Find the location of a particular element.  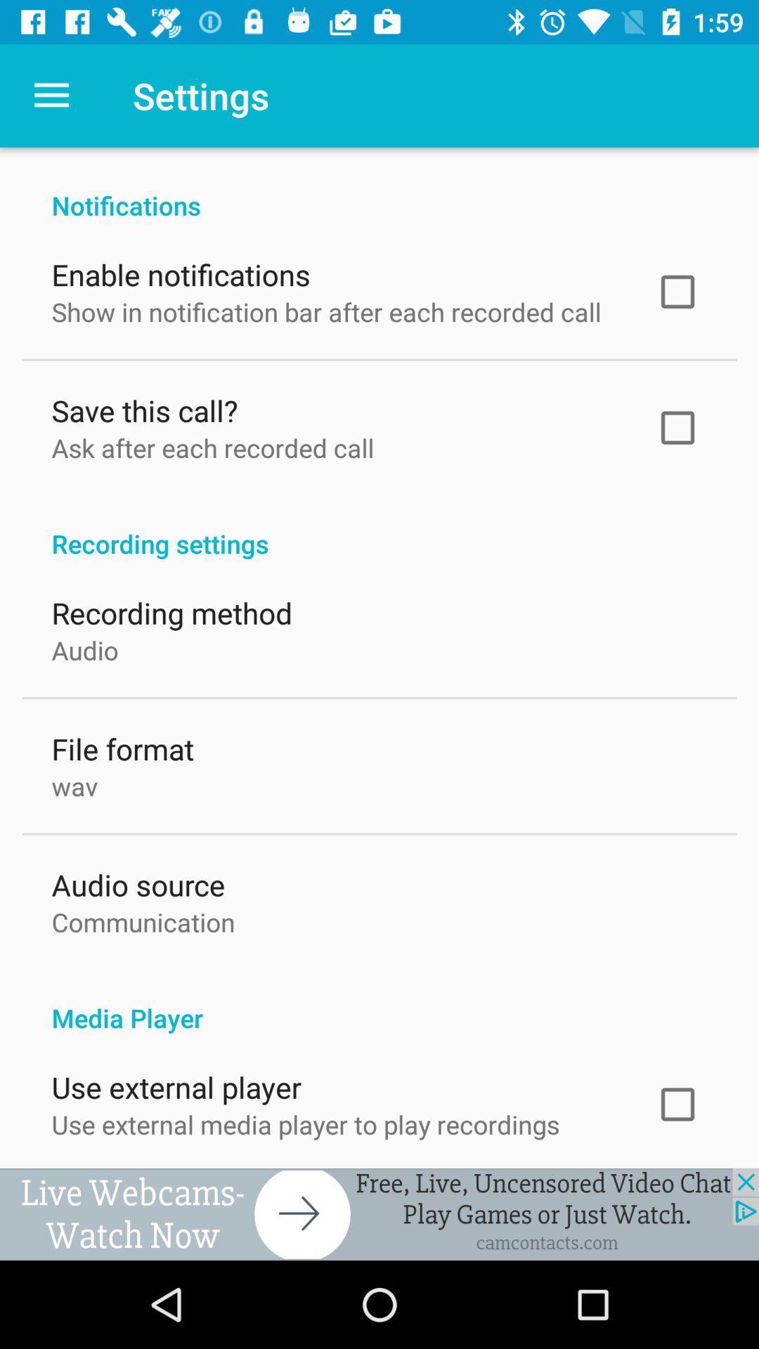

the icon above the media player item is located at coordinates (143, 919).